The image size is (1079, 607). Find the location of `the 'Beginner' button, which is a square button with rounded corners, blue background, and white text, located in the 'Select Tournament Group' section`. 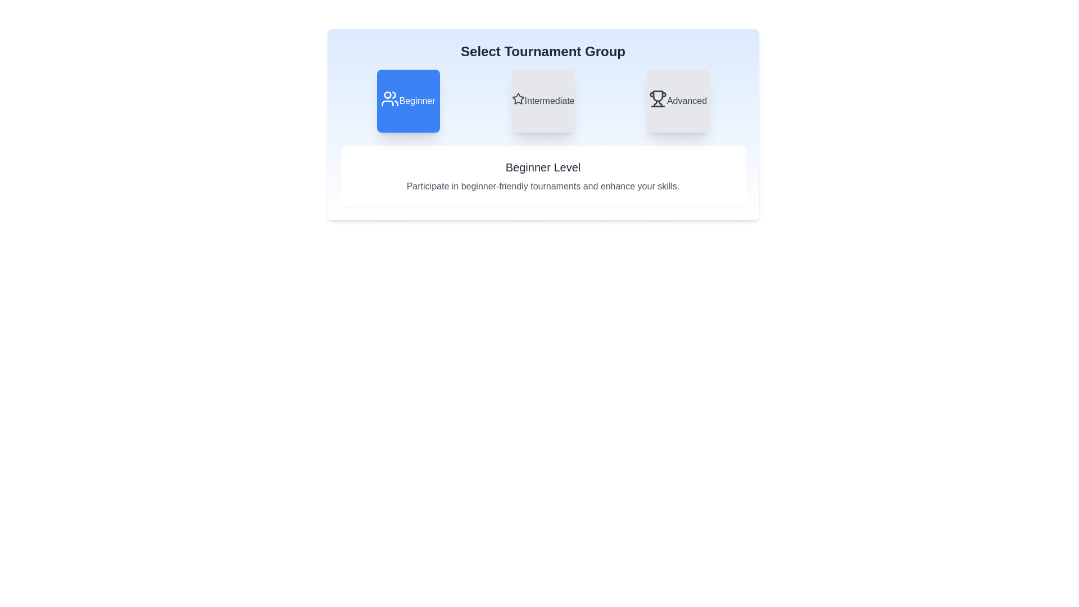

the 'Beginner' button, which is a square button with rounded corners, blue background, and white text, located in the 'Select Tournament Group' section is located at coordinates (407, 101).